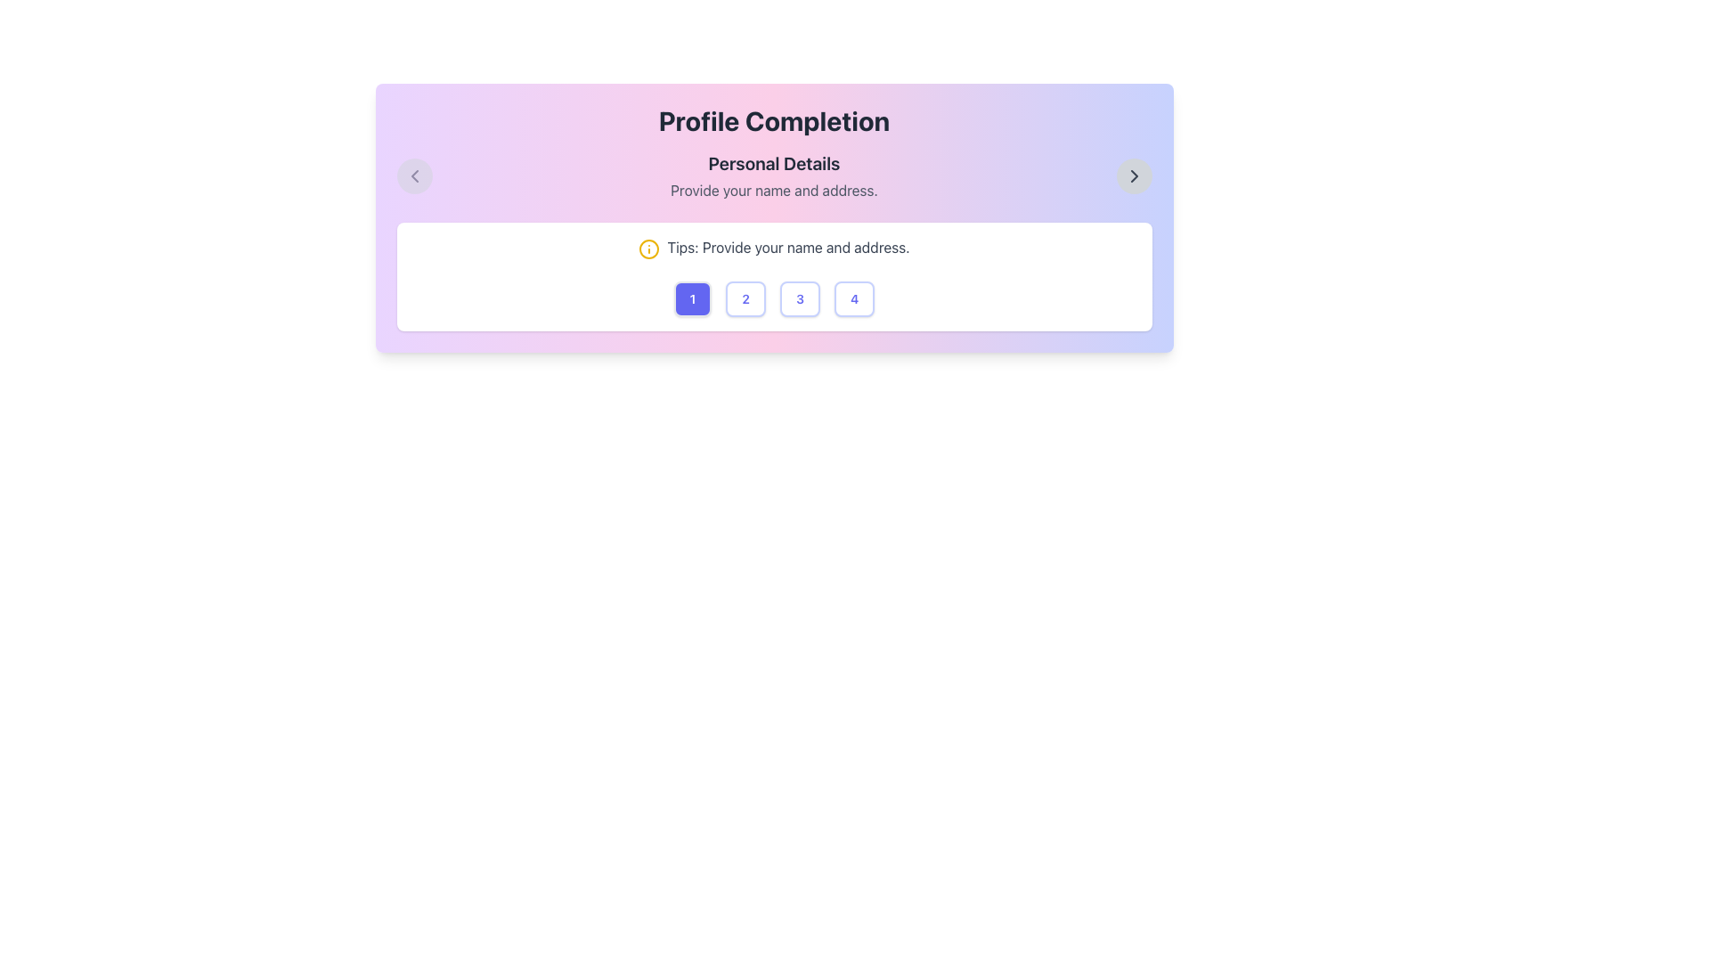  I want to click on the rectangular button with the vibrant indigo background displaying the number '1', so click(691, 298).